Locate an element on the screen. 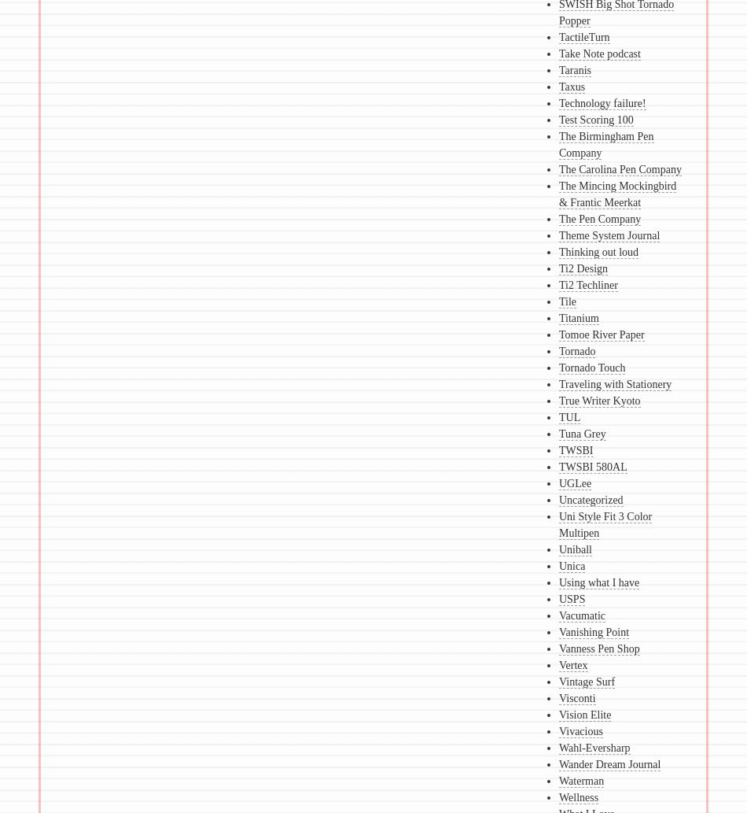 This screenshot has height=813, width=747. 'The Pen Company' is located at coordinates (598, 218).